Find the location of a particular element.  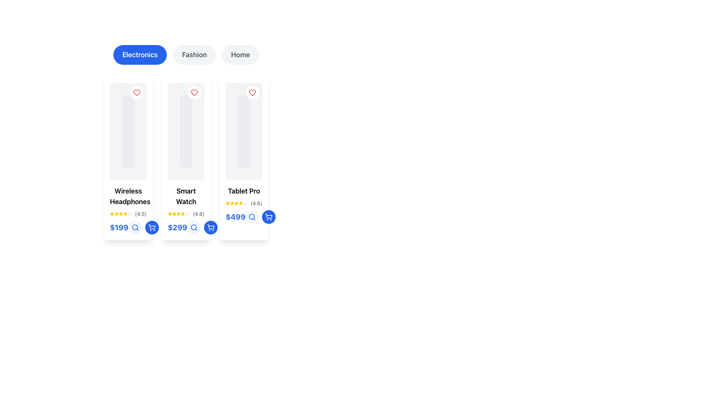

the visual representation of the star icon in the bottom-left corner of the star rating display for the 'Tablet Pro' product card is located at coordinates (240, 203).